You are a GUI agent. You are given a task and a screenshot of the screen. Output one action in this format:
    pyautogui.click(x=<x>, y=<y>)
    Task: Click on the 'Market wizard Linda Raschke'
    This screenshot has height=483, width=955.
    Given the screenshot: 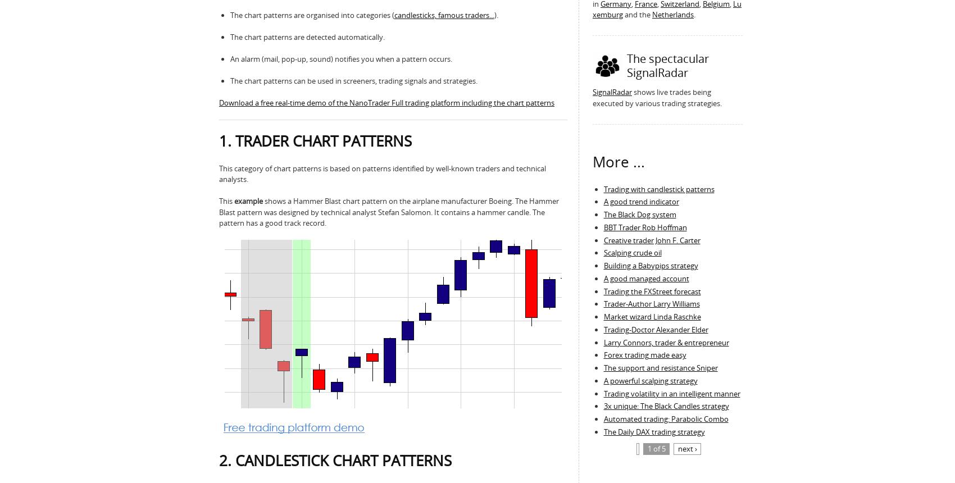 What is the action you would take?
    pyautogui.click(x=652, y=316)
    